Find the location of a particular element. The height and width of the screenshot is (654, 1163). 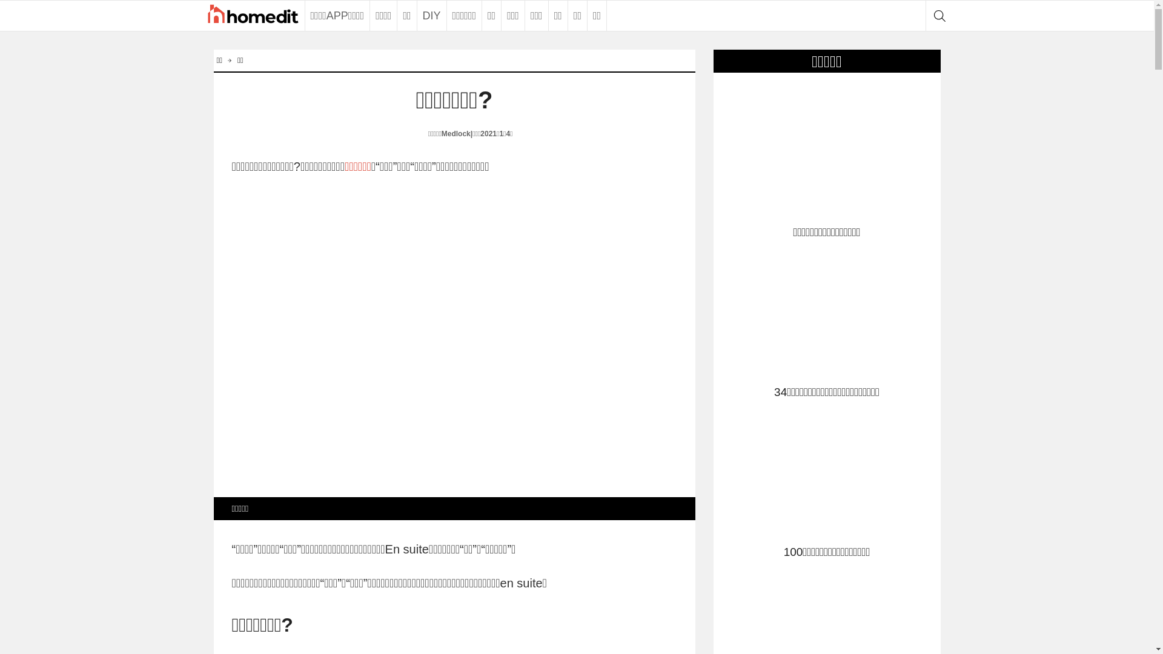

'Emily Medlock' is located at coordinates (408, 134).